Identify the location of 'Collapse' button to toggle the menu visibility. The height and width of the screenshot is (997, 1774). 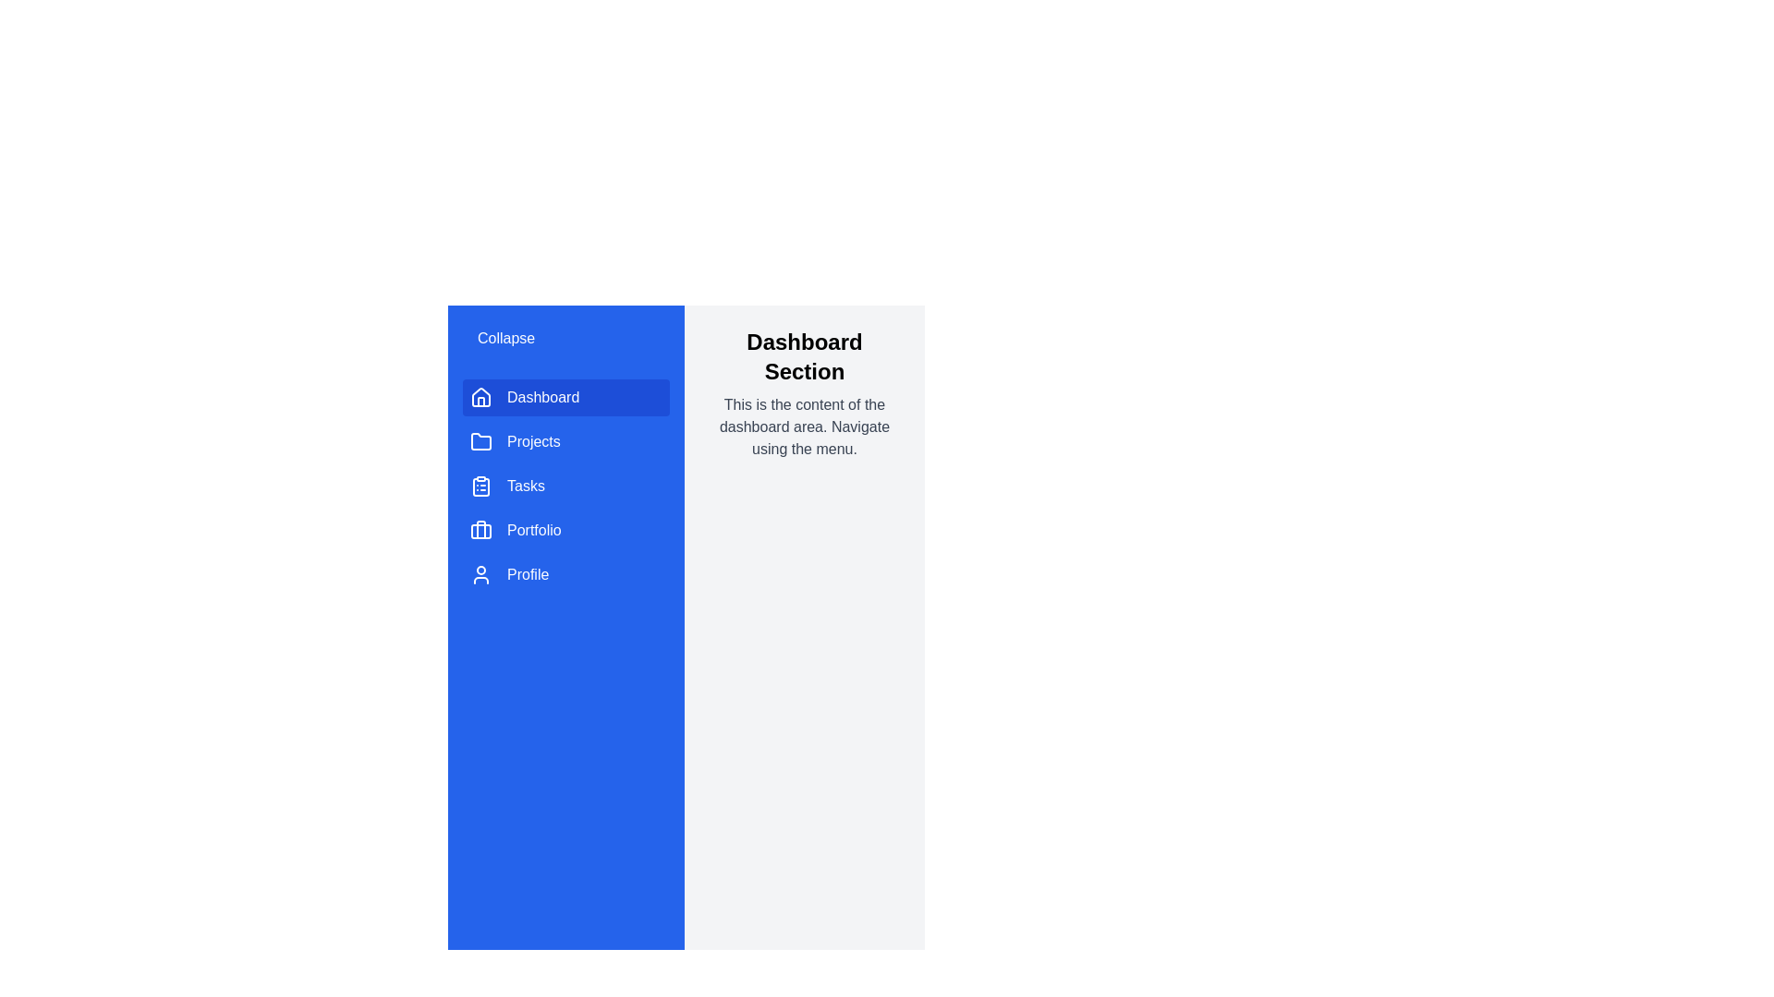
(505, 338).